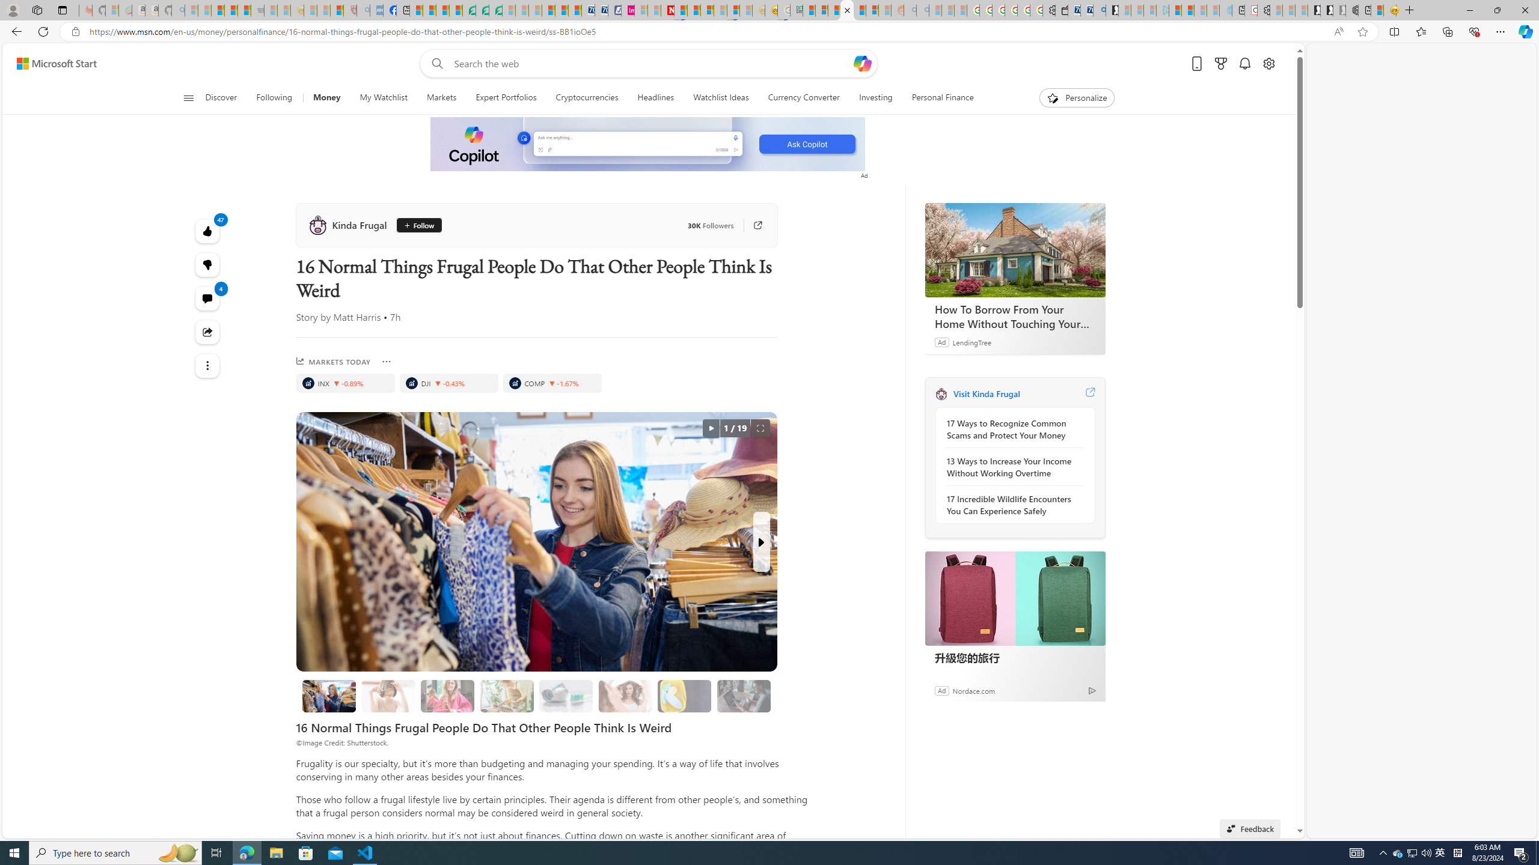 Image resolution: width=1539 pixels, height=865 pixels. What do you see at coordinates (804, 97) in the screenshot?
I see `'Currency Converter'` at bounding box center [804, 97].